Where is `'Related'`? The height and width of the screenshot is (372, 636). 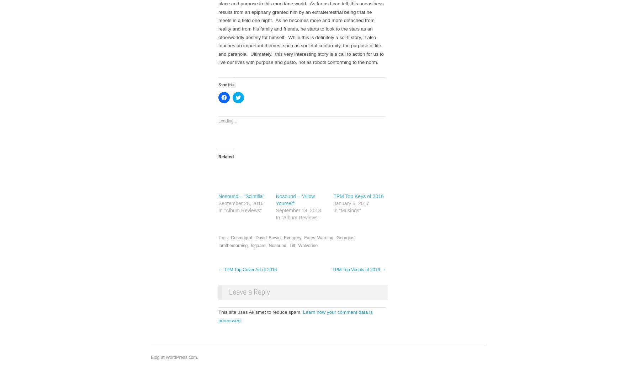
'Related' is located at coordinates (226, 156).